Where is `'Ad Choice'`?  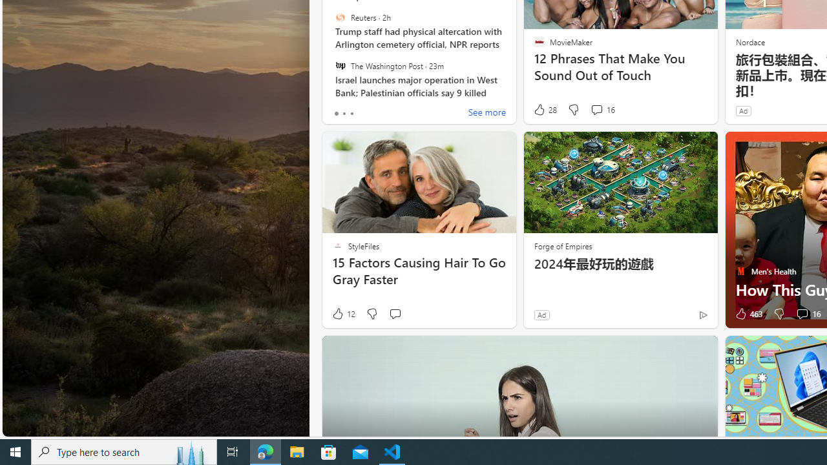
'Ad Choice' is located at coordinates (702, 315).